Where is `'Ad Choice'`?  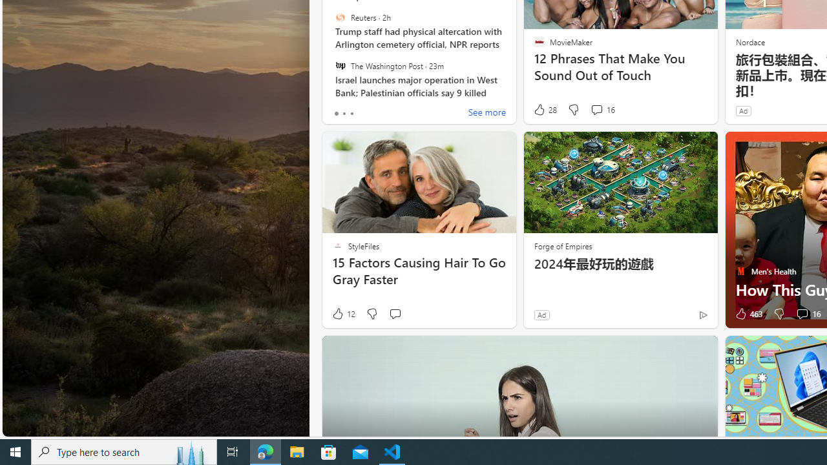
'Ad Choice' is located at coordinates (702, 315).